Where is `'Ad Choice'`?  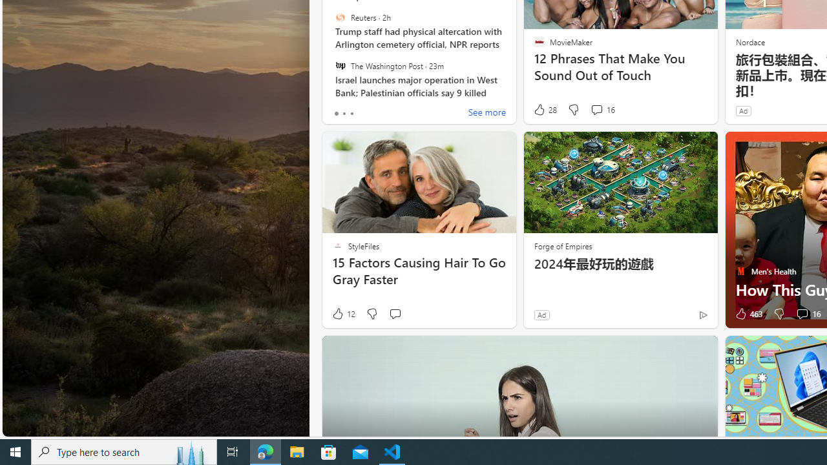
'Ad Choice' is located at coordinates (702, 315).